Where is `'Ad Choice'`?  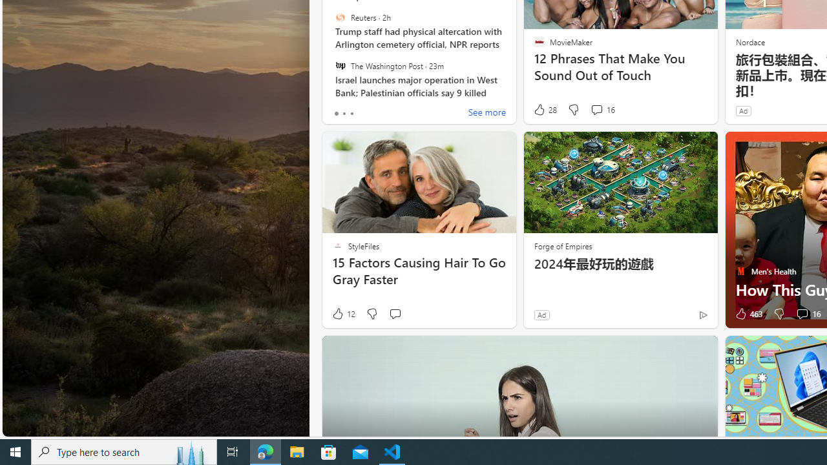
'Ad Choice' is located at coordinates (702, 315).